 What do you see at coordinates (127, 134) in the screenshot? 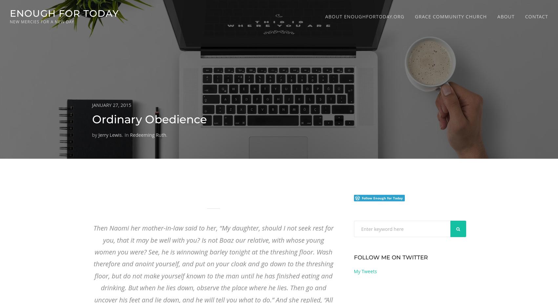
I see `'In'` at bounding box center [127, 134].